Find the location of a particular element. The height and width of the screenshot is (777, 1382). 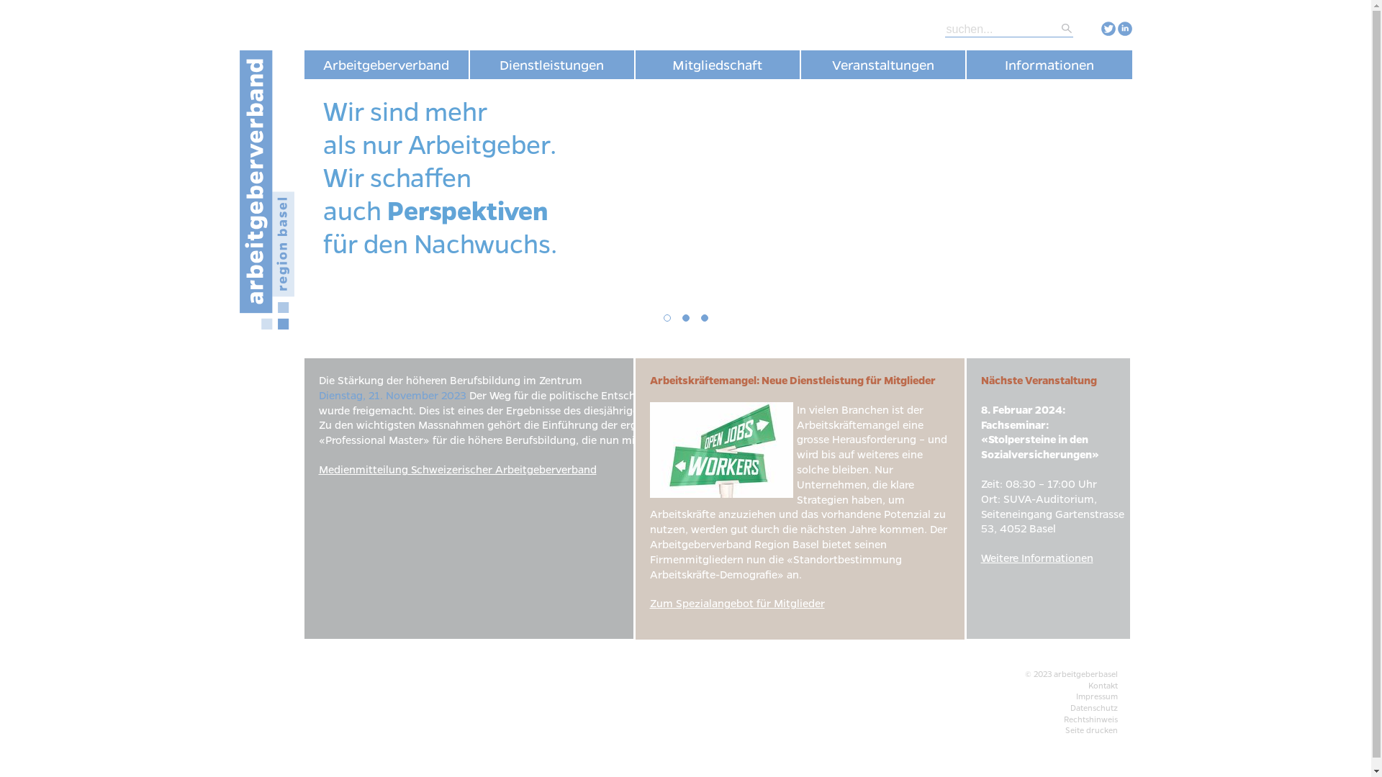

'Mitgliedschaft' is located at coordinates (717, 63).